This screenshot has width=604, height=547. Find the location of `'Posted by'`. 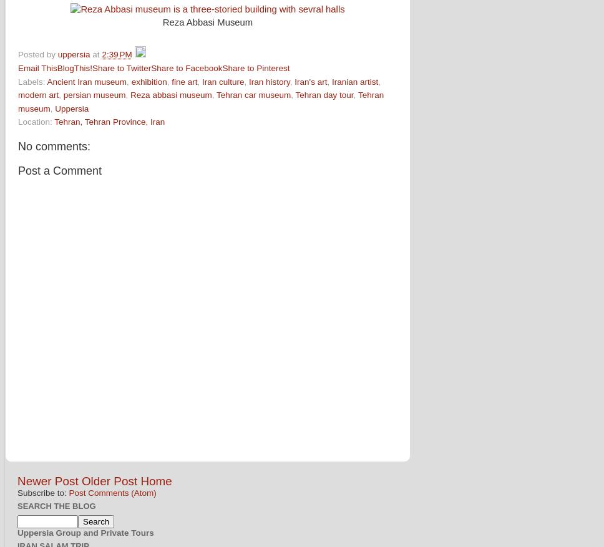

'Posted by' is located at coordinates (37, 54).